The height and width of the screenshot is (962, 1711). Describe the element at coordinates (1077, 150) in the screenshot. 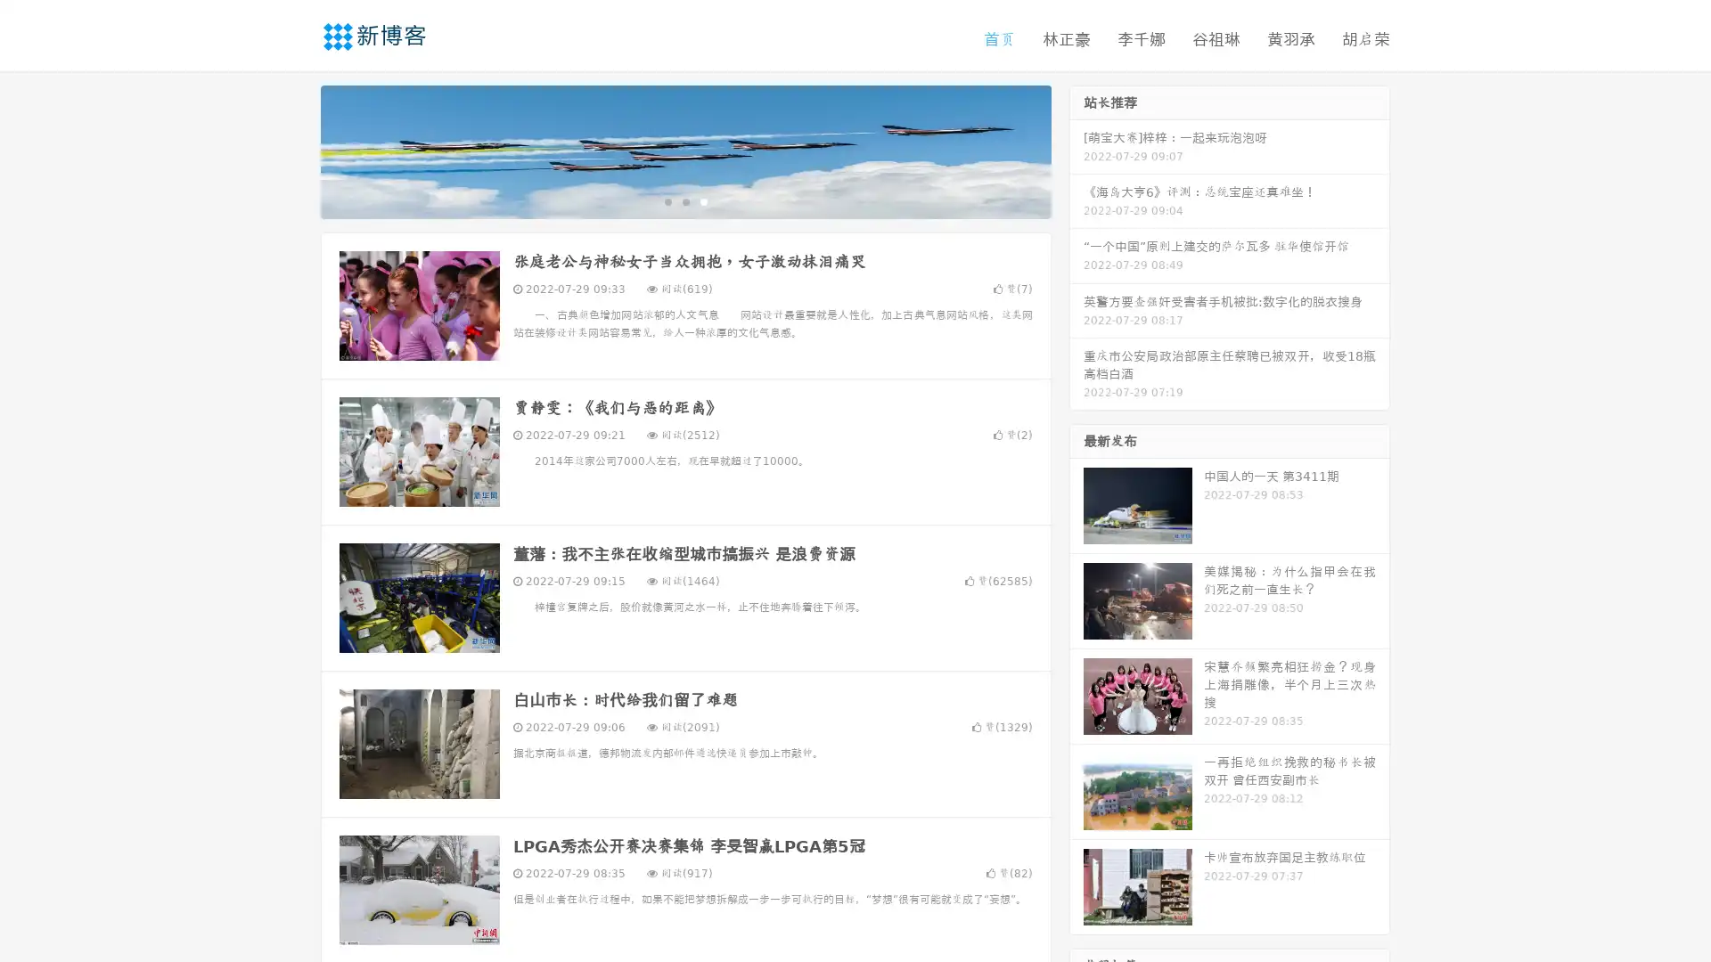

I see `Next slide` at that location.